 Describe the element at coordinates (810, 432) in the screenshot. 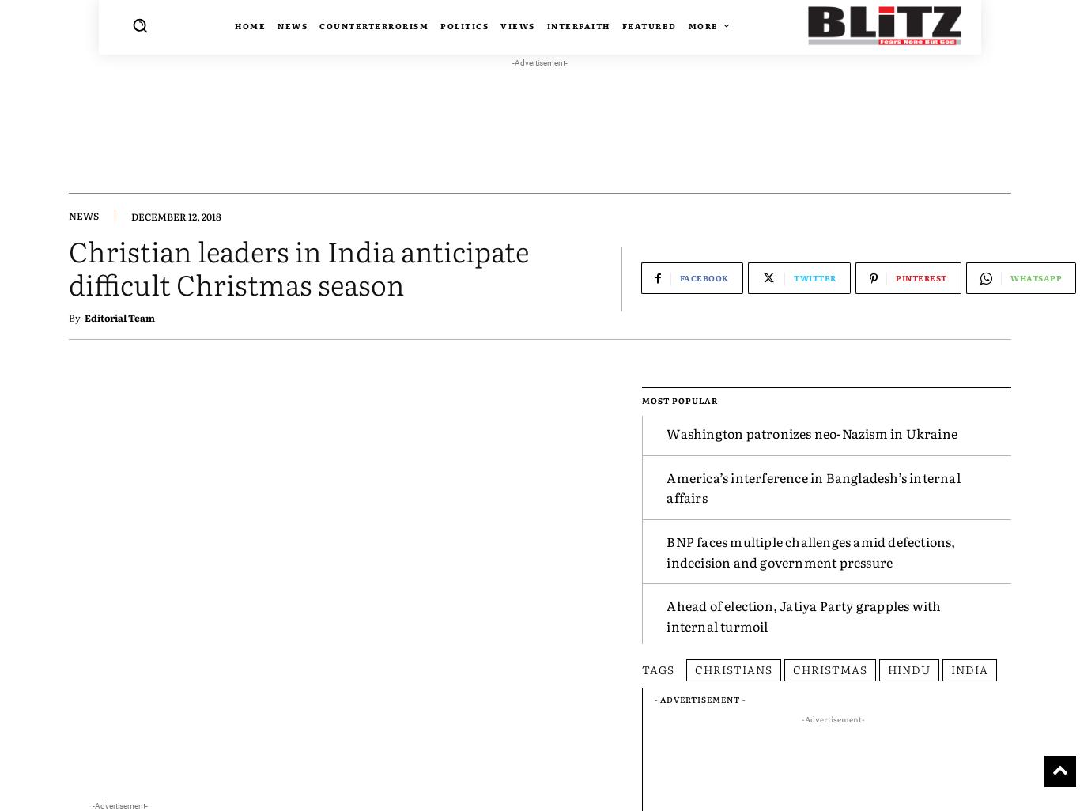

I see `'Washington patronizes neo-Nazism in Ukraine'` at that location.